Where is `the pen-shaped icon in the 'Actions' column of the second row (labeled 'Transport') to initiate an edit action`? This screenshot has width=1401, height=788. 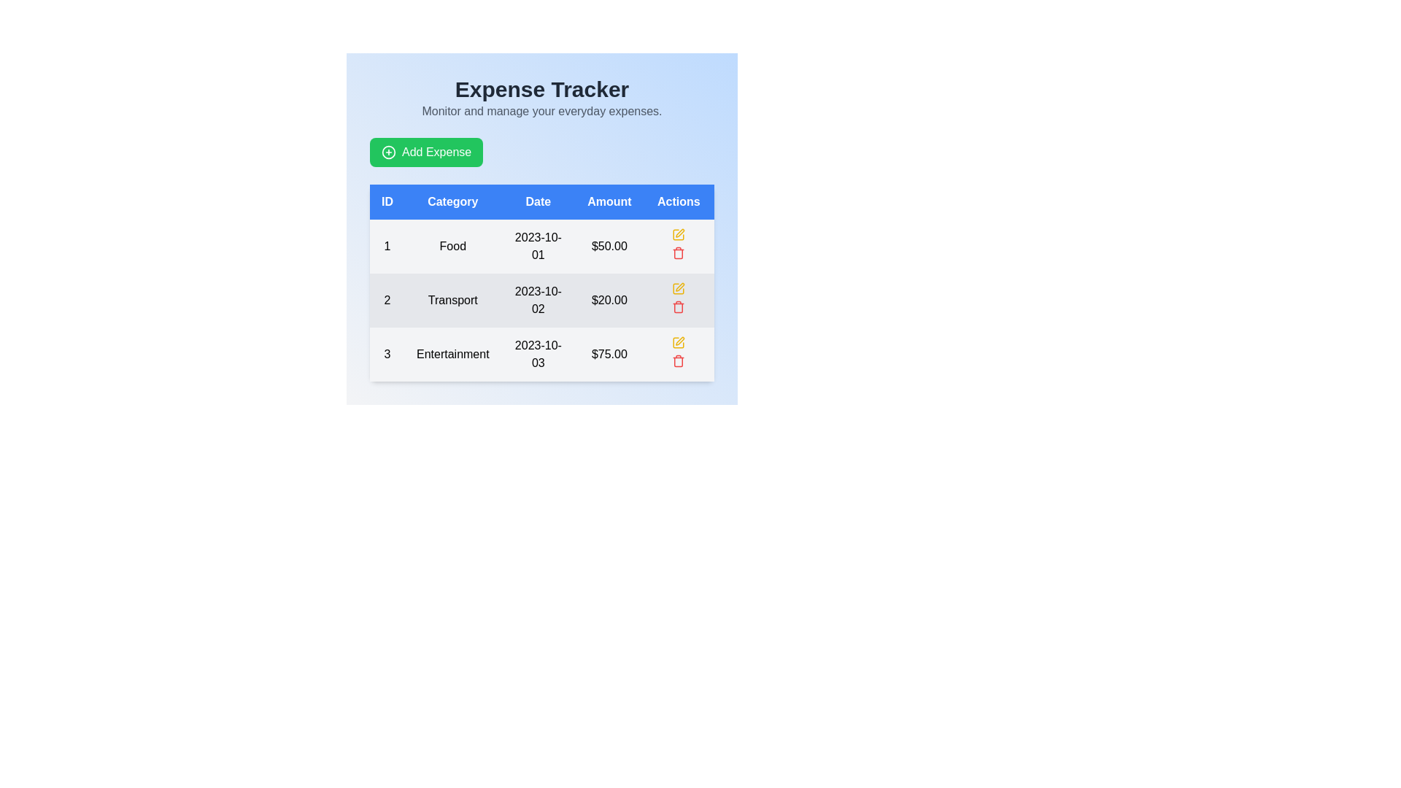 the pen-shaped icon in the 'Actions' column of the second row (labeled 'Transport') to initiate an edit action is located at coordinates (679, 287).